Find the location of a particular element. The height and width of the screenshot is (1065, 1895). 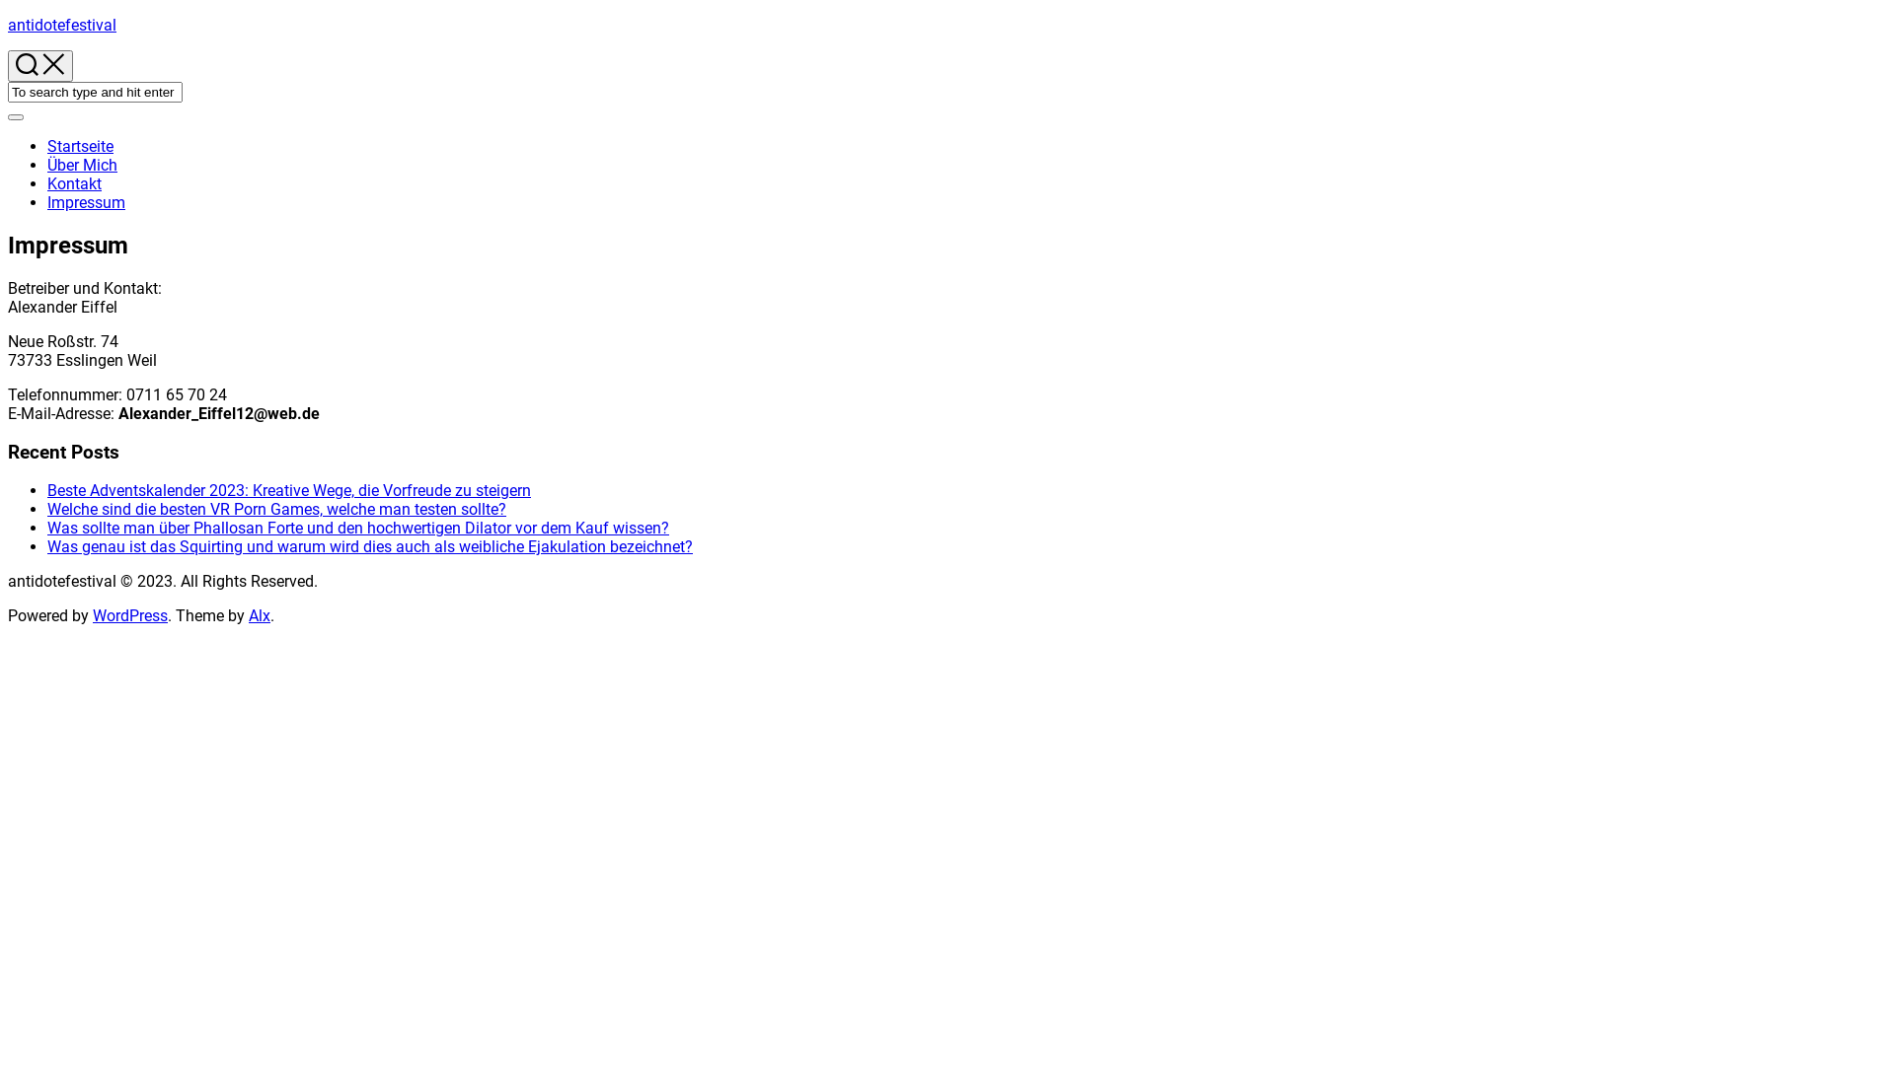

'Startseite' is located at coordinates (47, 145).